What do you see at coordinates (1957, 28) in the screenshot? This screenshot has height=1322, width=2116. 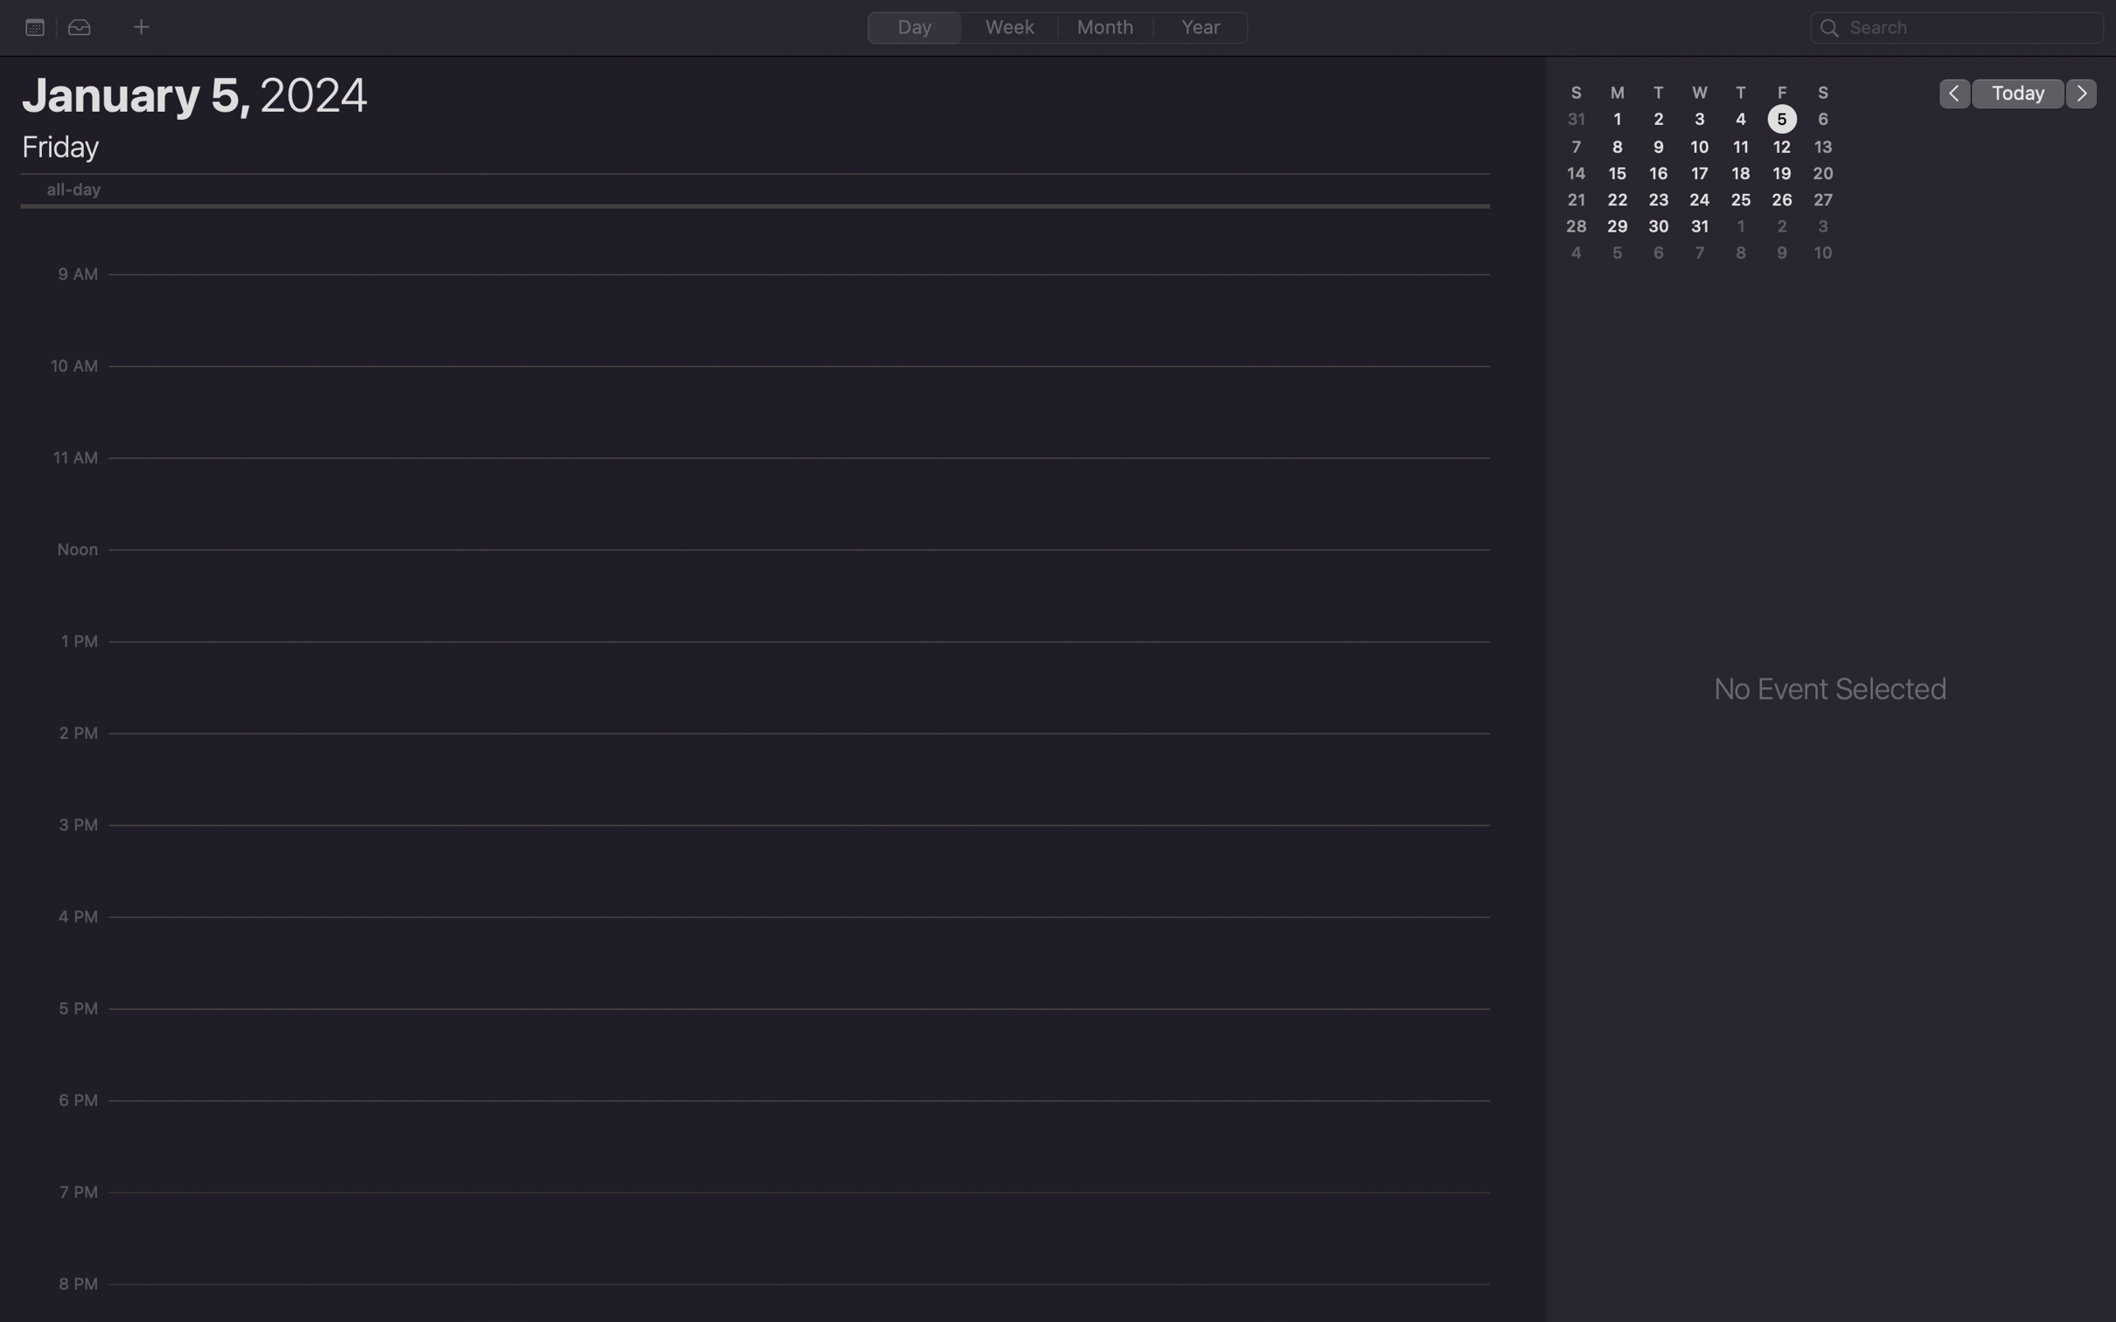 I see `Search for event "Joe birthday` at bounding box center [1957, 28].